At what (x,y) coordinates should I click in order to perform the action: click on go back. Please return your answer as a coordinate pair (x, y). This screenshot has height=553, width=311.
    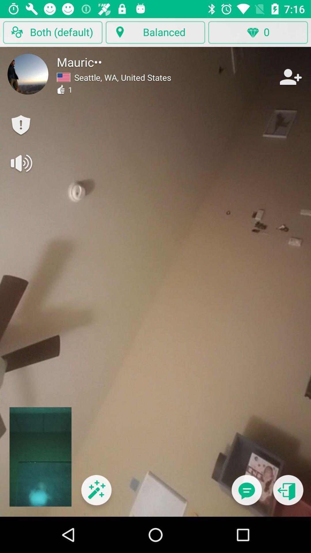
    Looking at the image, I should click on (288, 493).